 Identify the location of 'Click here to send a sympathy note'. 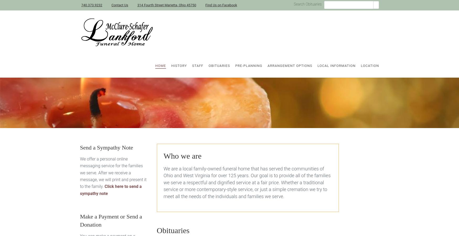
(80, 190).